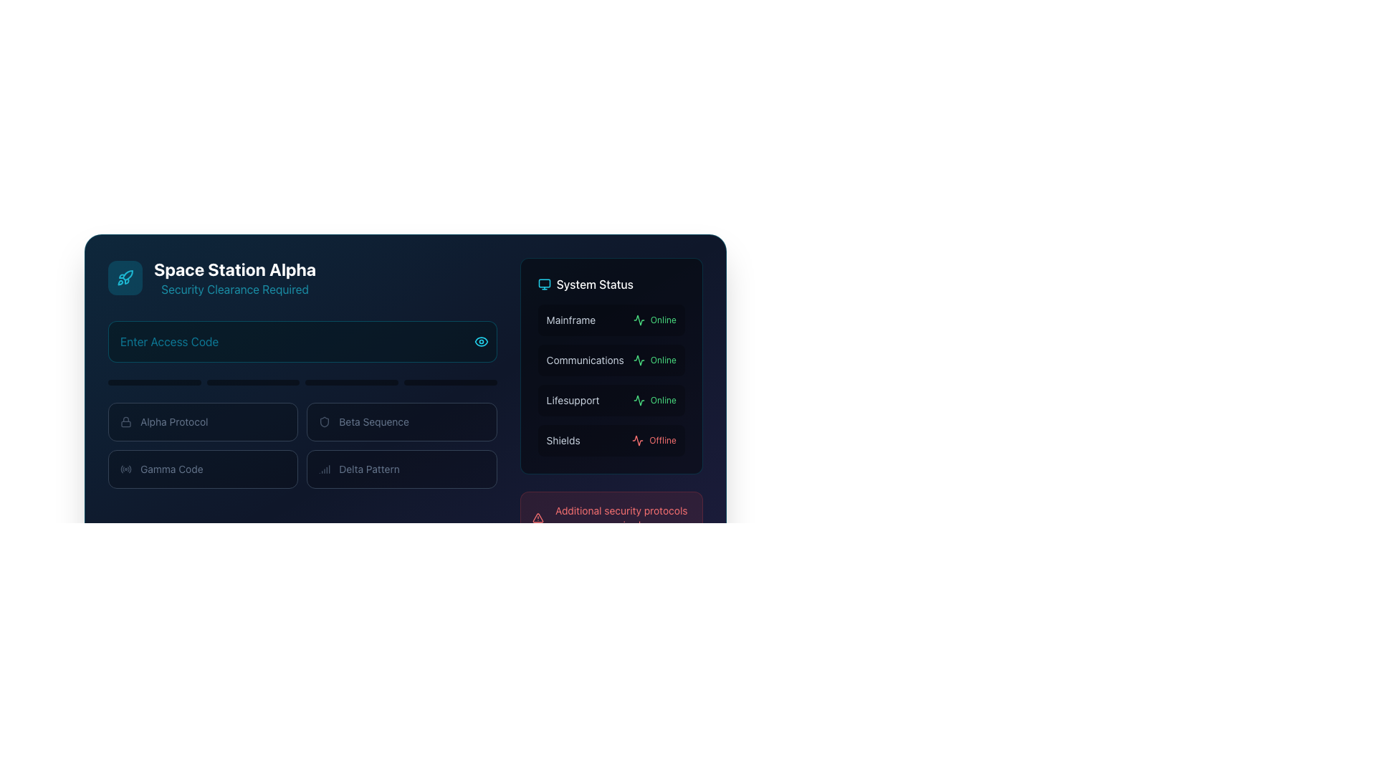 The height and width of the screenshot is (774, 1376). I want to click on the text label displaying 'Additional security protocols required', which is styled in red and positioned at the bottom-right of the layout, so click(621, 517).